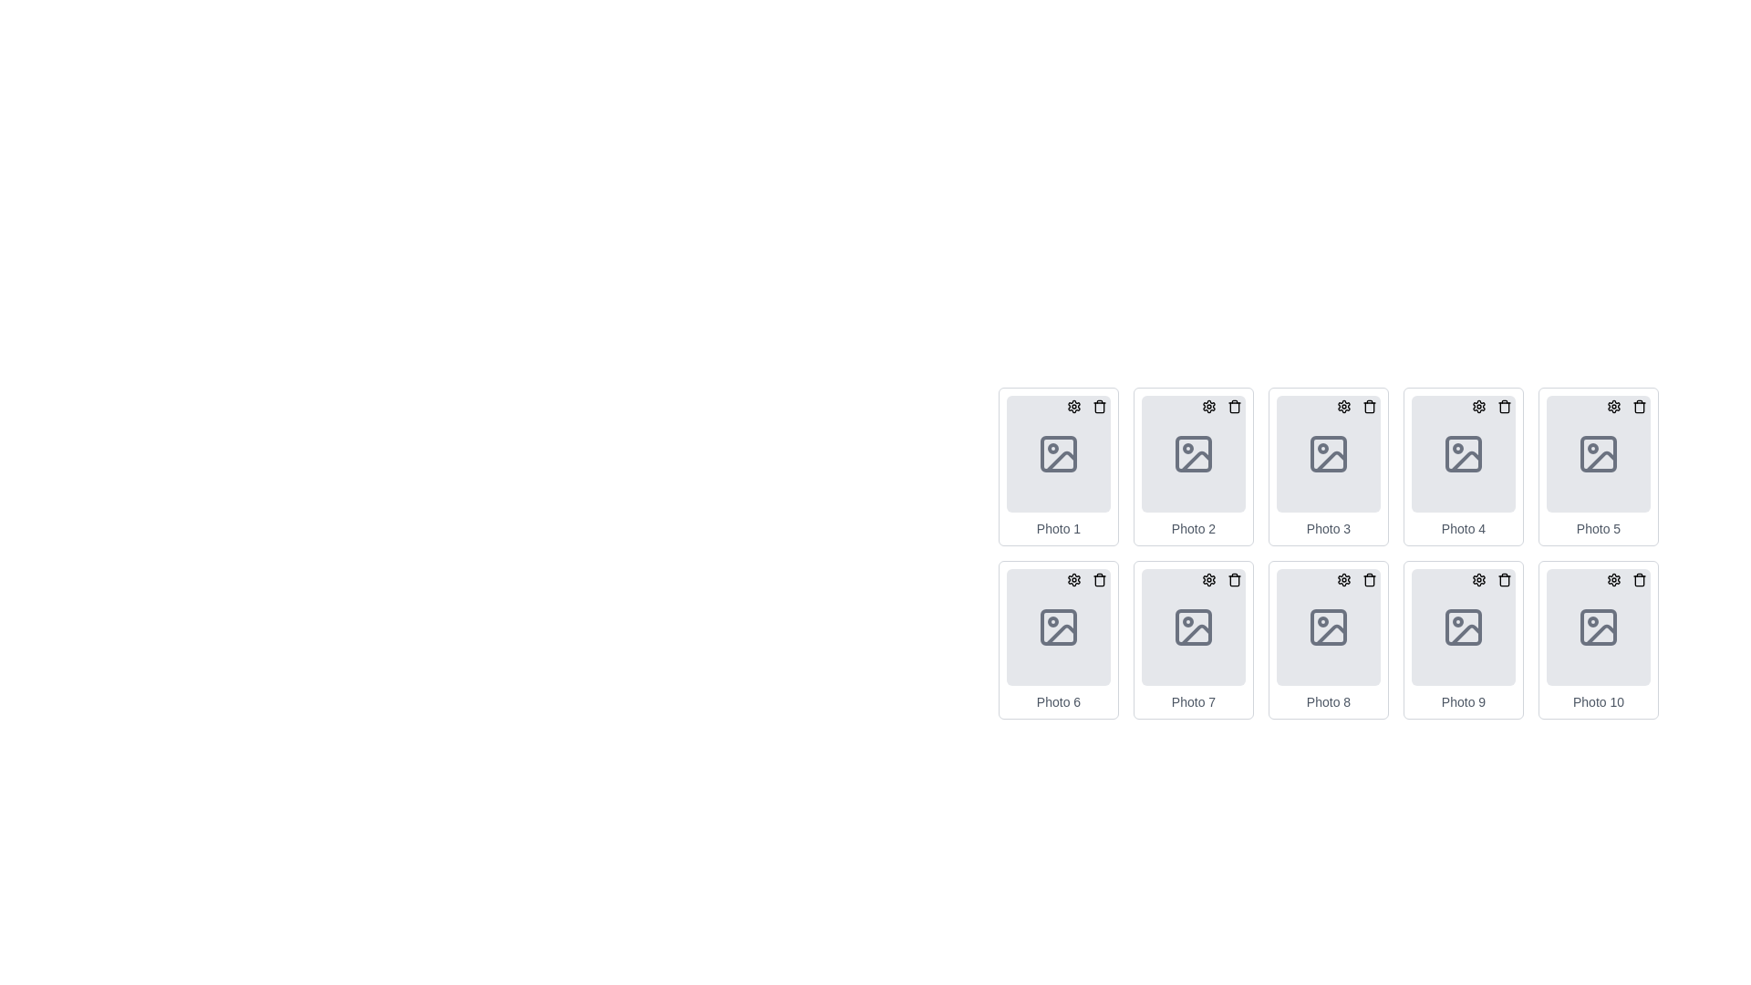  I want to click on the icon resembling a stylized image component located in the eighth photo frame of the second row in a 5-column grid, so click(1331, 633).